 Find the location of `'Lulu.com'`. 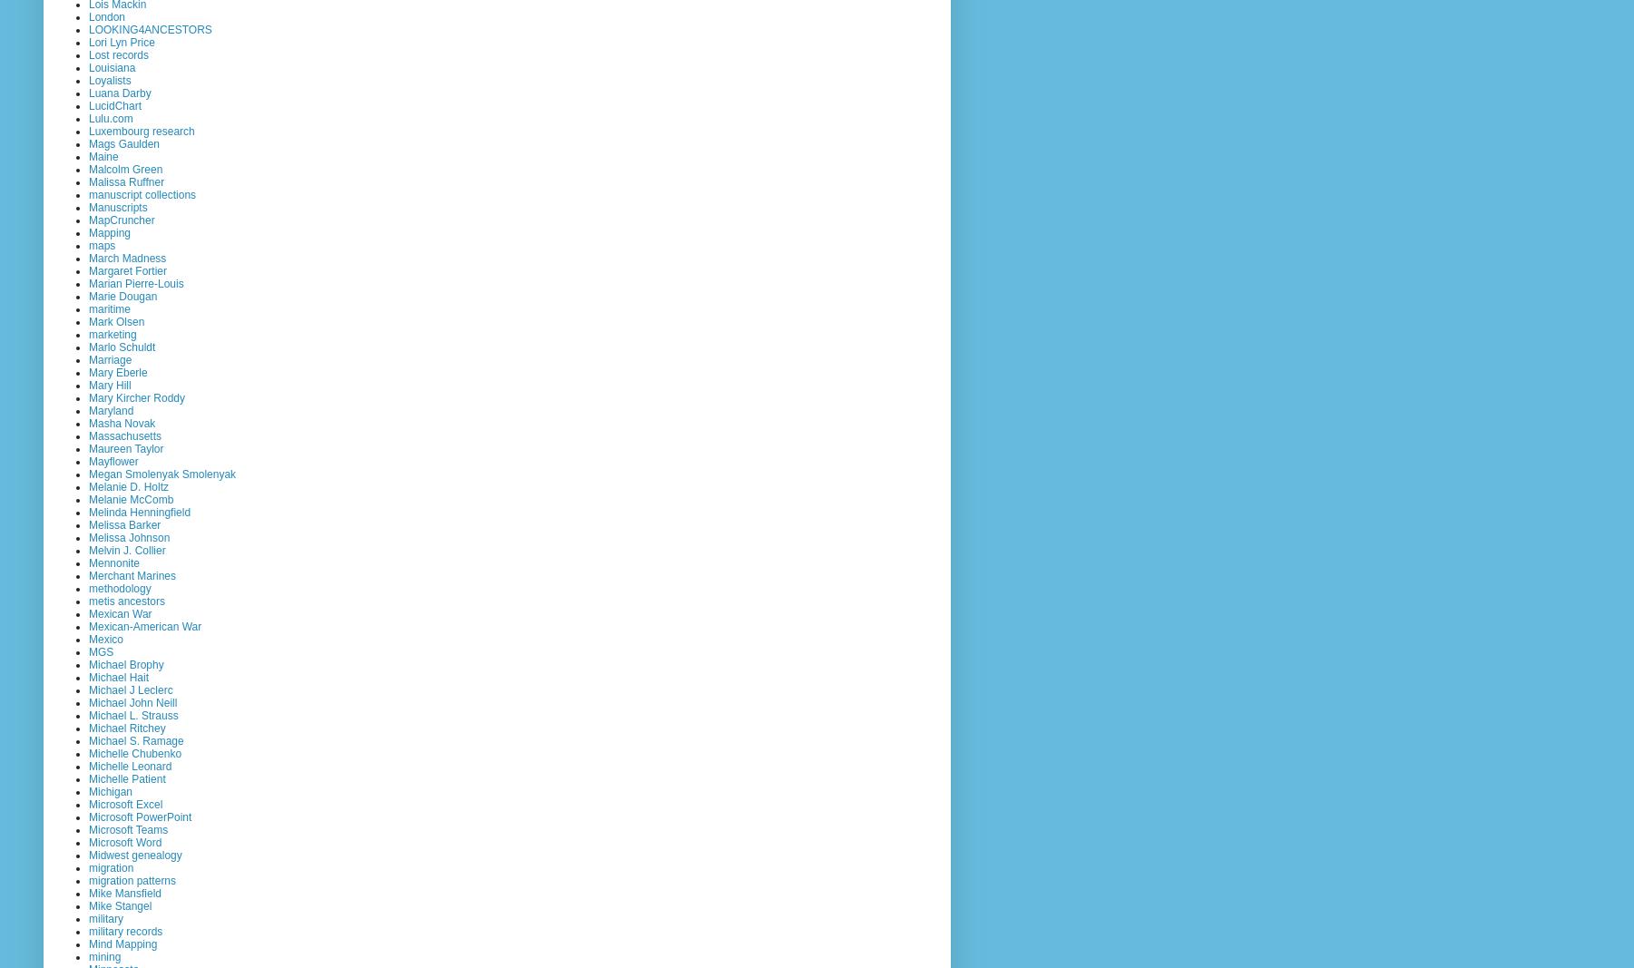

'Lulu.com' is located at coordinates (110, 116).